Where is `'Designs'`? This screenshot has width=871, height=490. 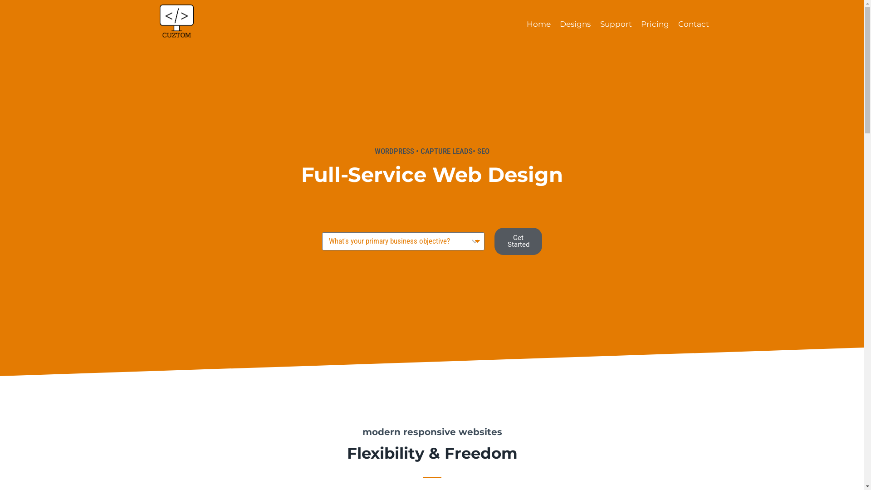
'Designs' is located at coordinates (574, 24).